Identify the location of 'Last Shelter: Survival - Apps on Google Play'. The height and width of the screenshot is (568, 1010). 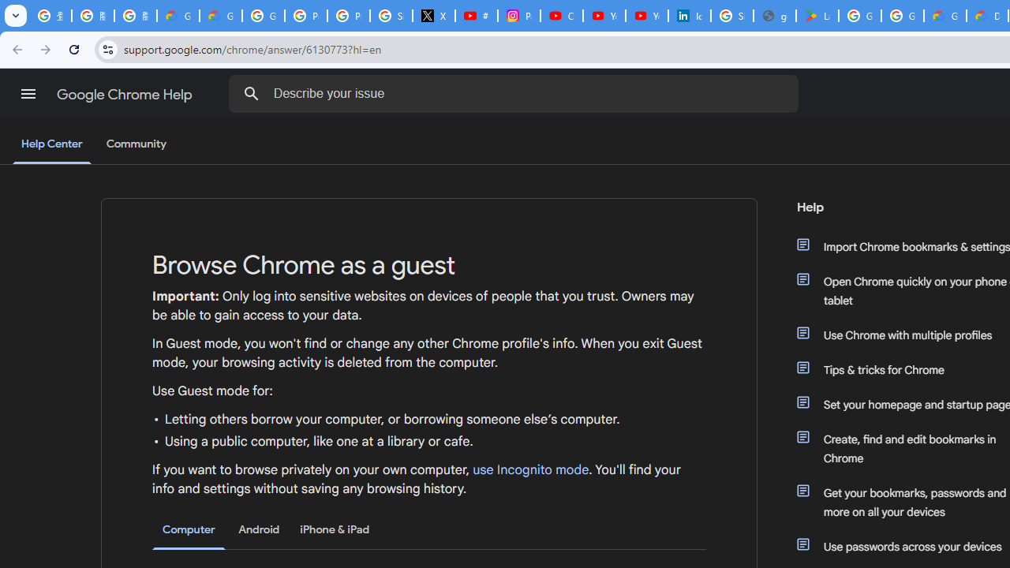
(817, 16).